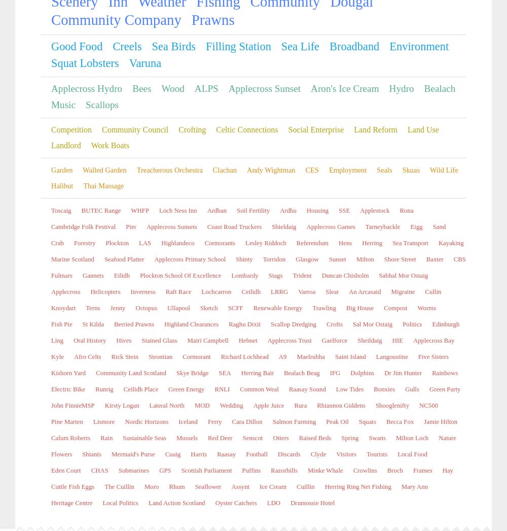  I want to click on 'Applecross', so click(60, 506).